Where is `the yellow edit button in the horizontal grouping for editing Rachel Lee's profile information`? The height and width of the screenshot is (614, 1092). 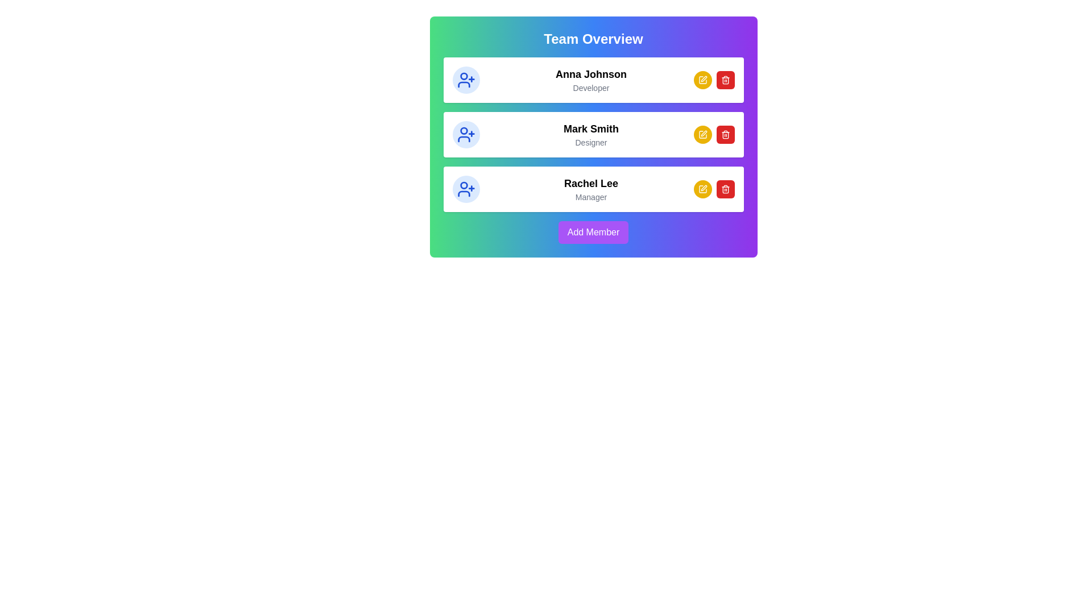
the yellow edit button in the horizontal grouping for editing Rachel Lee's profile information is located at coordinates (713, 188).